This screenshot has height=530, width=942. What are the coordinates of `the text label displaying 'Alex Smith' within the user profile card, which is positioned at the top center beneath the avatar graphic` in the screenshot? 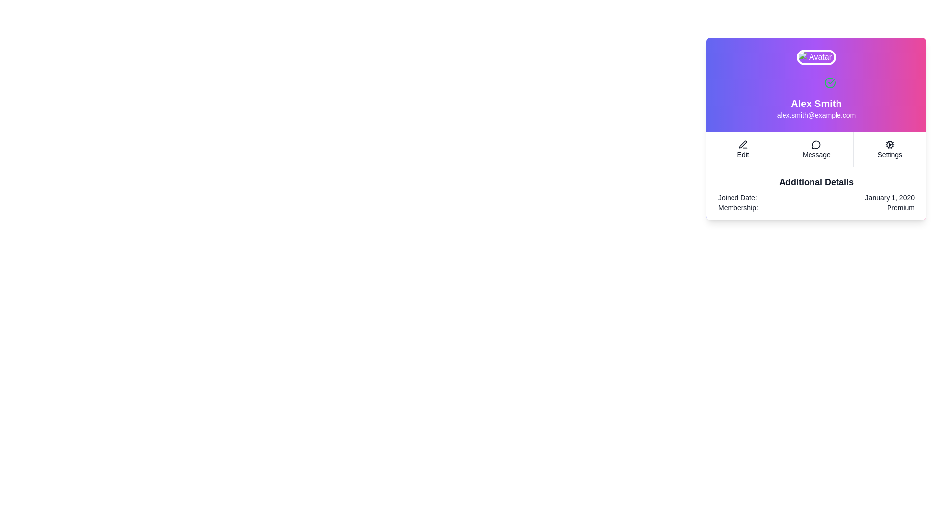 It's located at (816, 104).